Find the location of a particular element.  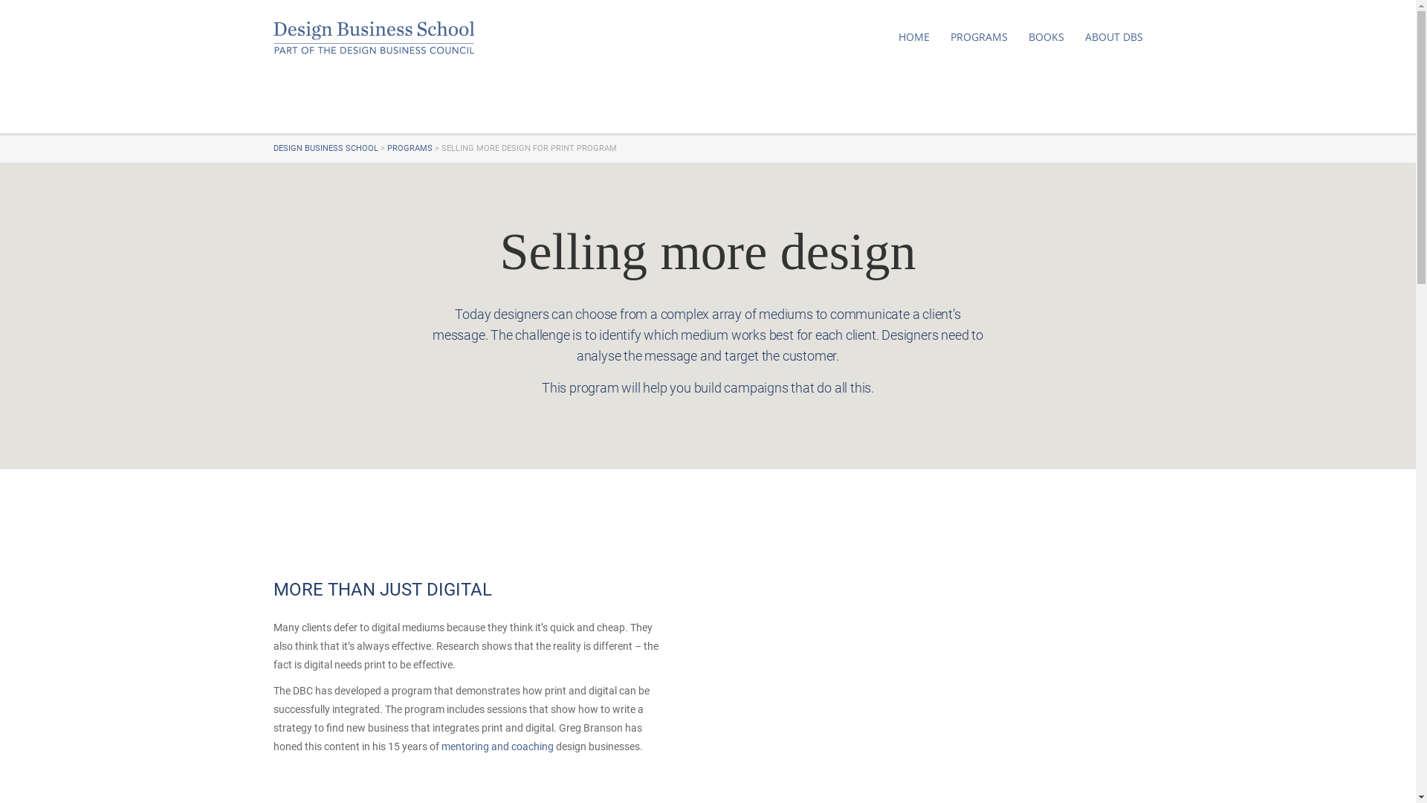

'ABOUT DBS' is located at coordinates (1084, 36).